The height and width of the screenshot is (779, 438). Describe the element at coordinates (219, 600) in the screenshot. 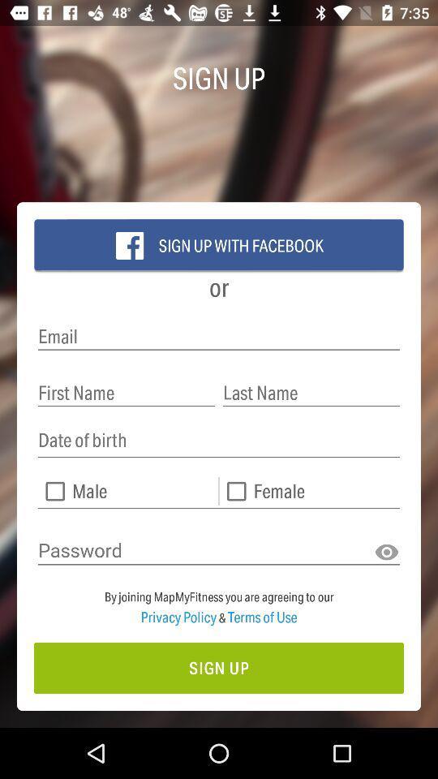

I see `the text above sign up` at that location.